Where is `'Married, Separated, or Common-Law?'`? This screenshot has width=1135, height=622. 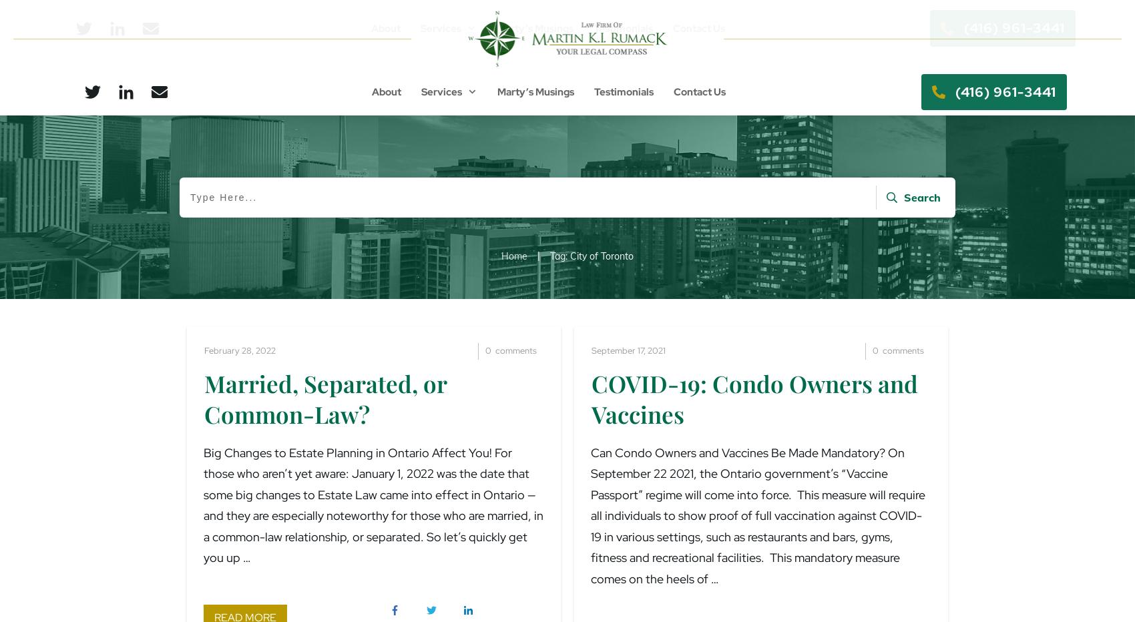
'Married, Separated, or Common-Law?' is located at coordinates (325, 397).